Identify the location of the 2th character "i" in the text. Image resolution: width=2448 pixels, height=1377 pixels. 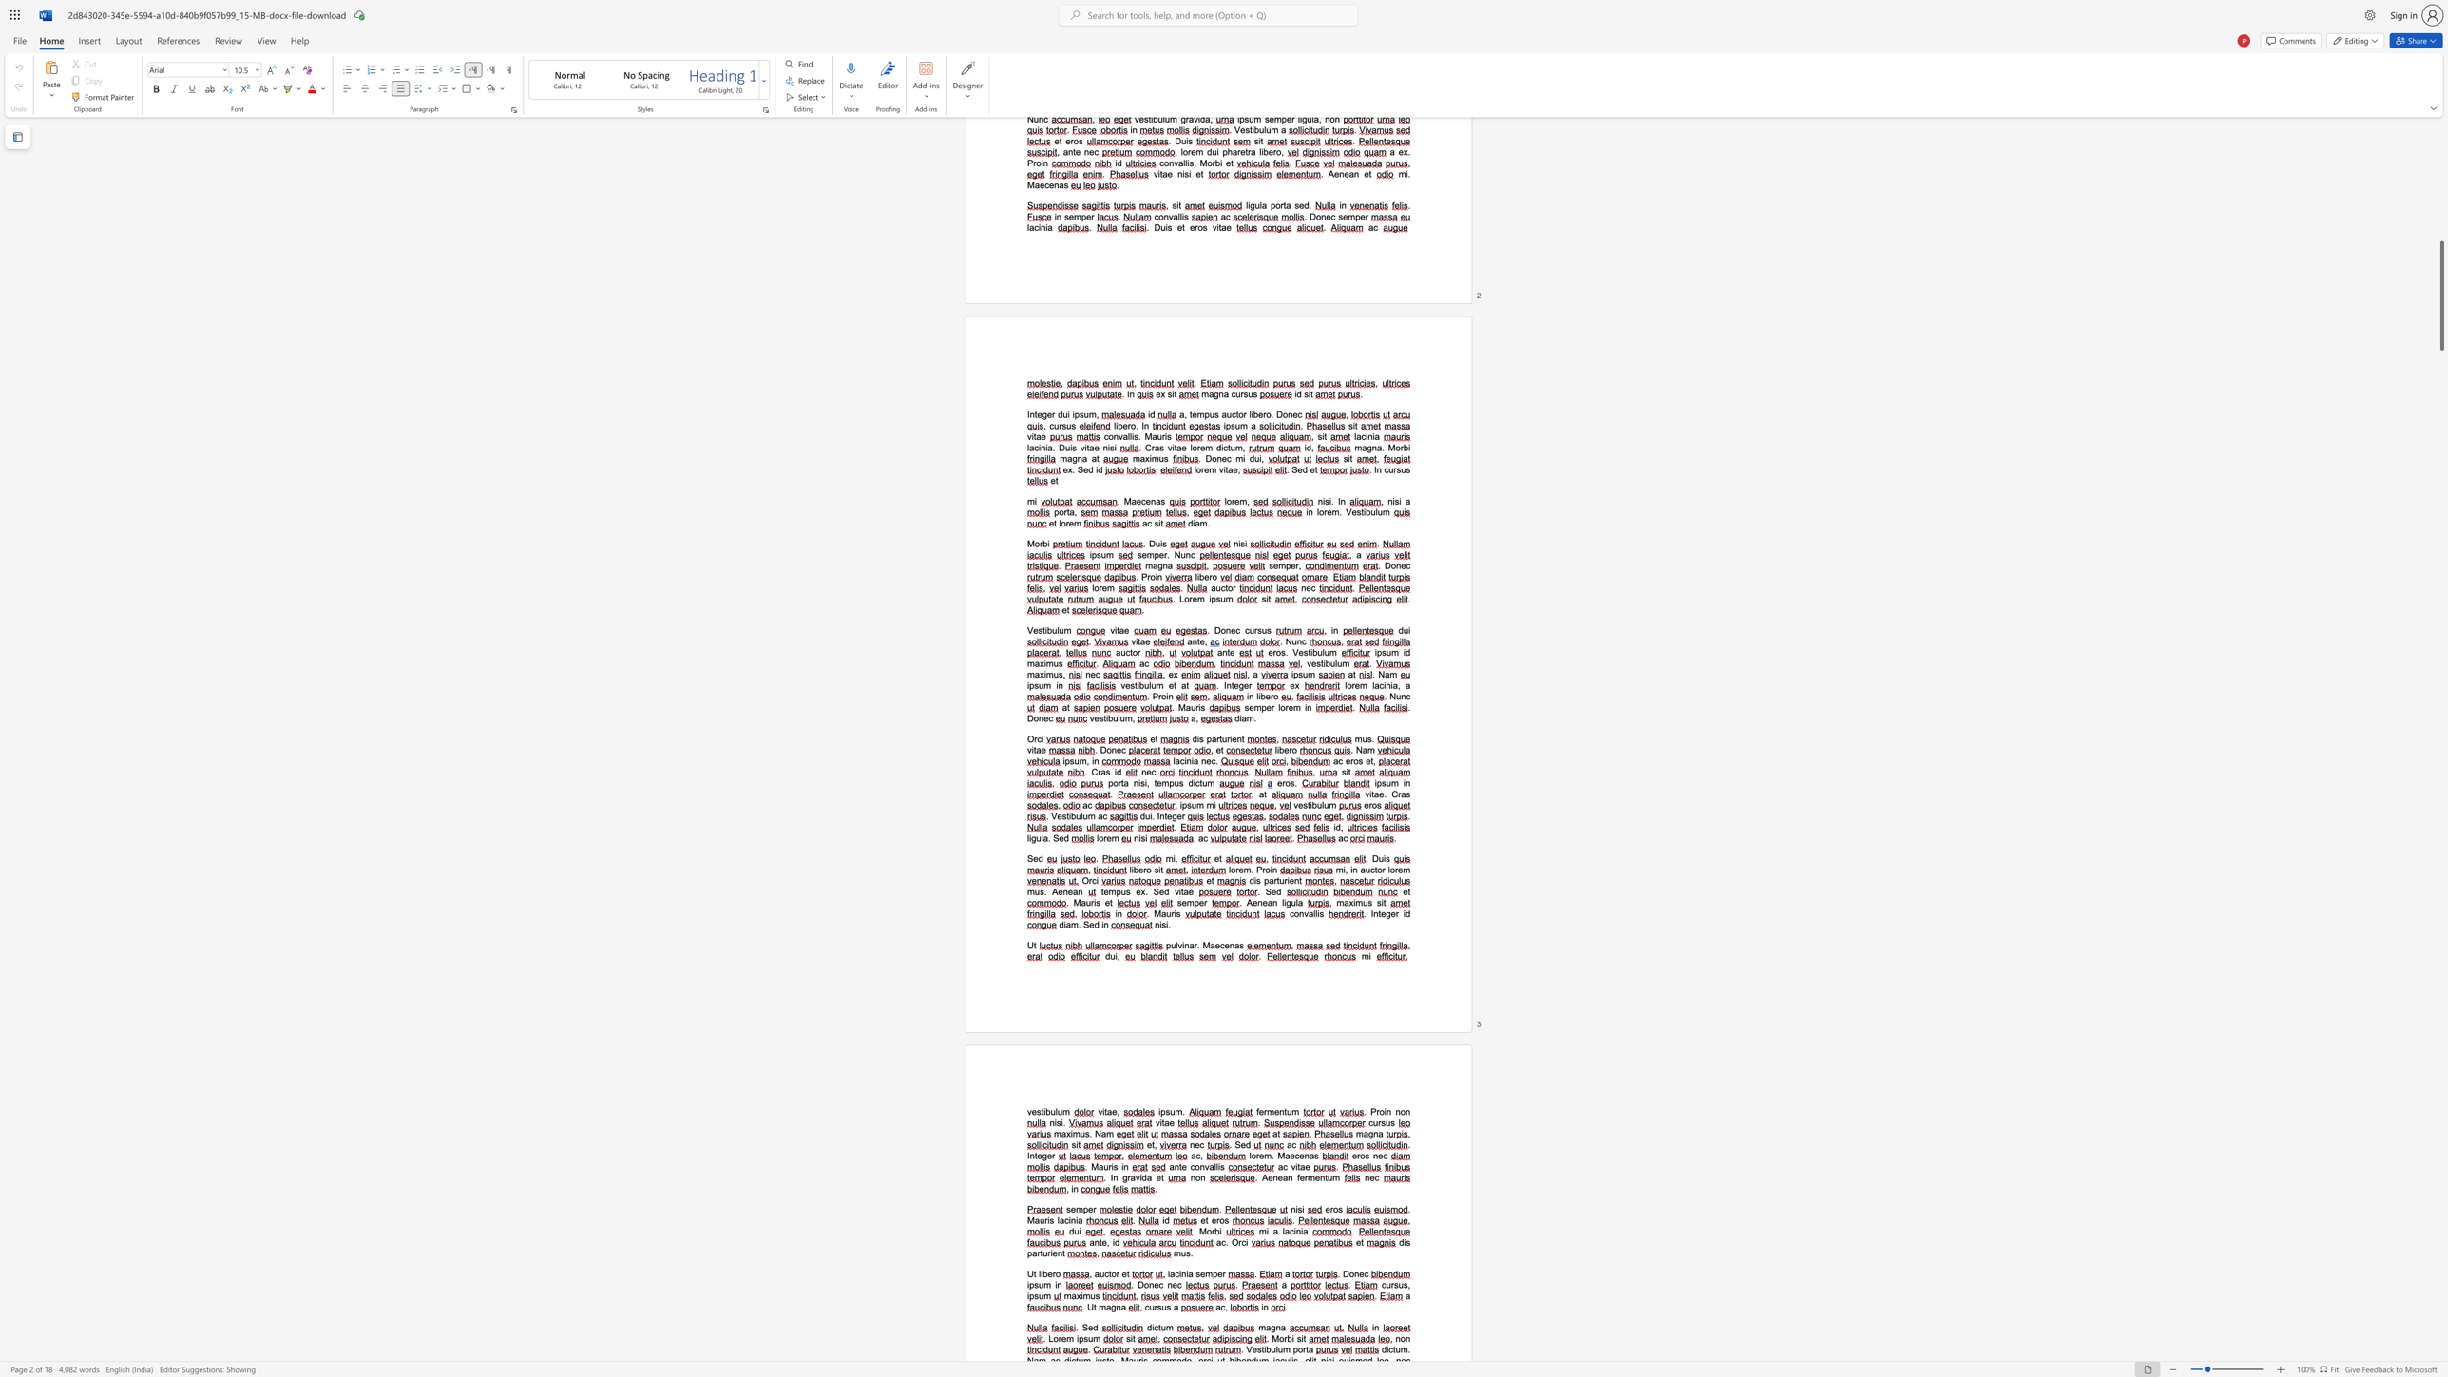
(1381, 902).